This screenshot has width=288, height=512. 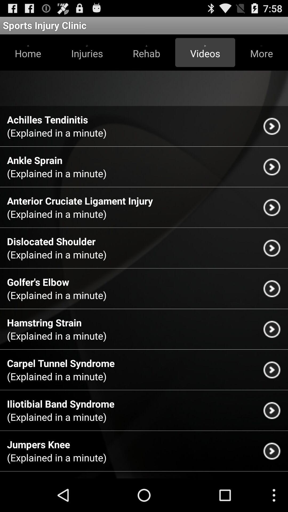 What do you see at coordinates (38, 282) in the screenshot?
I see `golfer's elbow` at bounding box center [38, 282].